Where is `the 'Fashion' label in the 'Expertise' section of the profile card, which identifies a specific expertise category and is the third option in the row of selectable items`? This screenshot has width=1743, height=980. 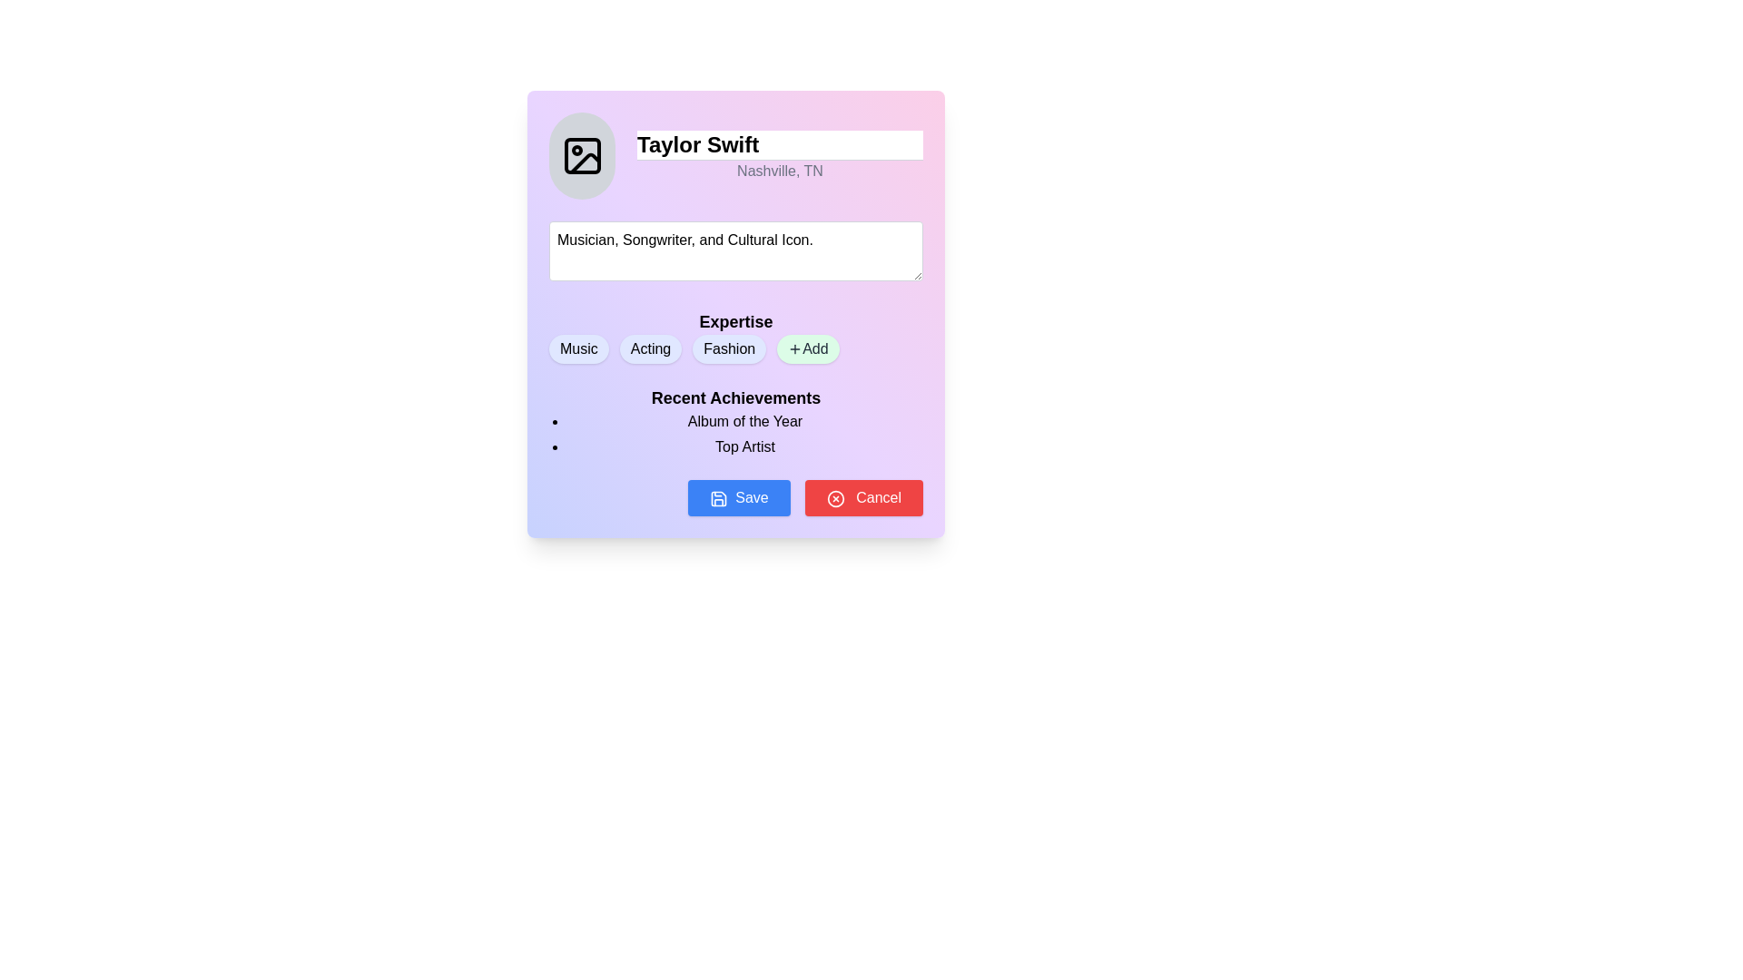 the 'Fashion' label in the 'Expertise' section of the profile card, which identifies a specific expertise category and is the third option in the row of selectable items is located at coordinates (736, 336).